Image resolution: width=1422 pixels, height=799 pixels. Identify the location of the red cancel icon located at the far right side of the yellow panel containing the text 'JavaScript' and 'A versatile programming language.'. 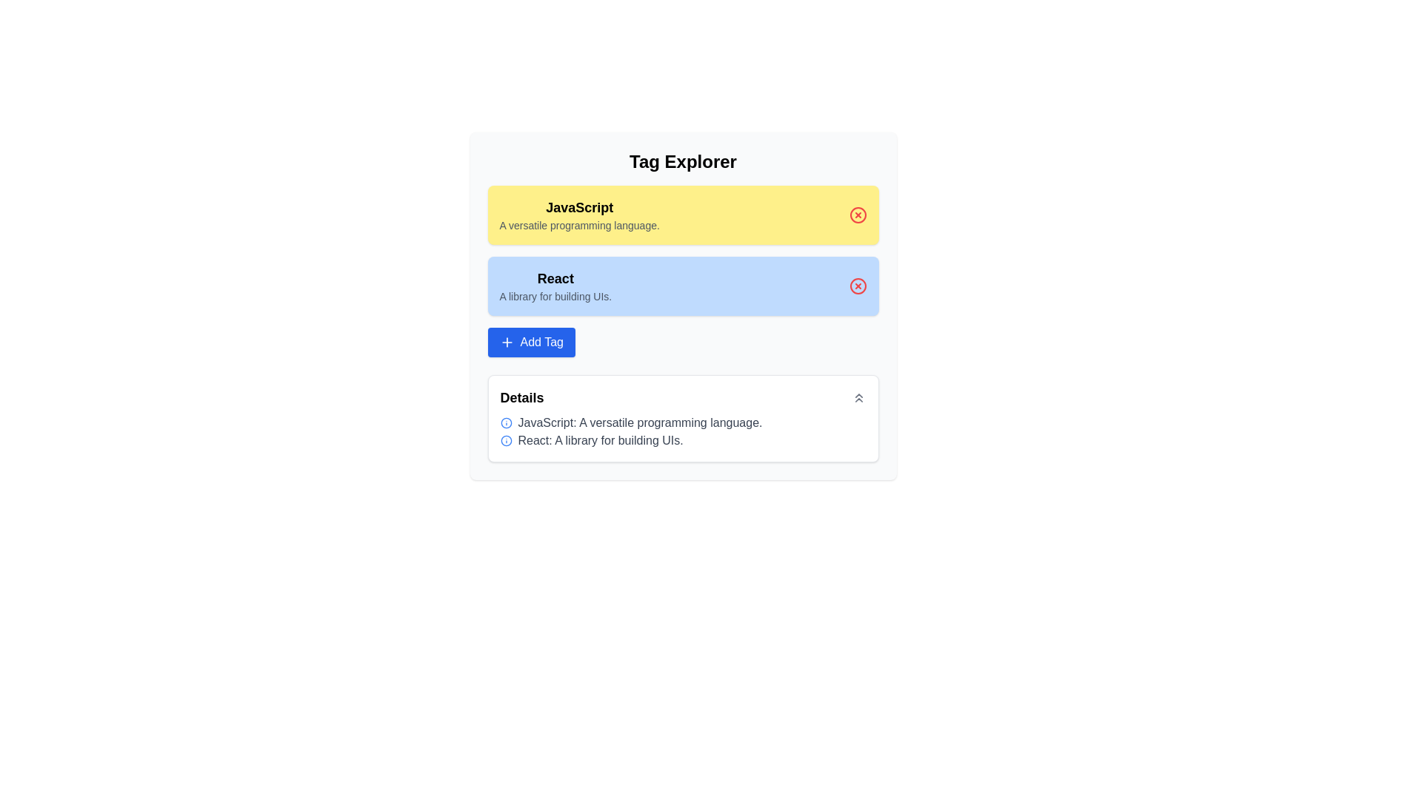
(858, 215).